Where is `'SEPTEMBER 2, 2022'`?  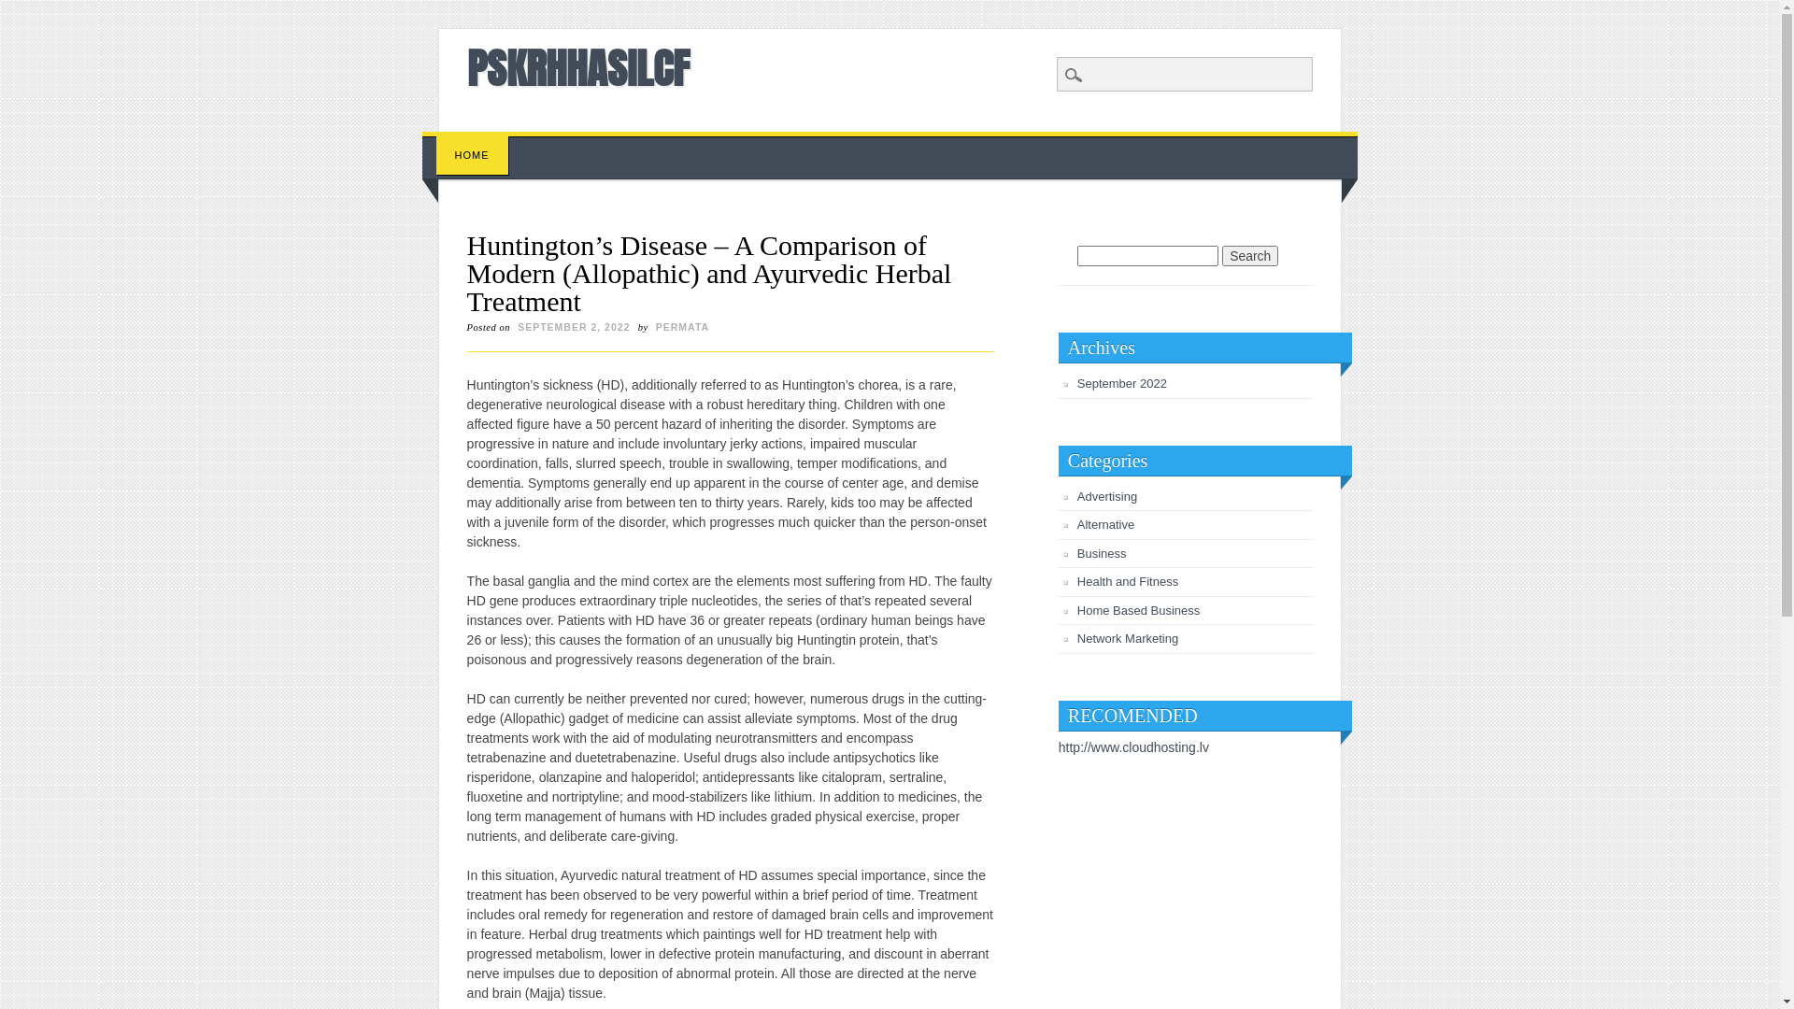
'SEPTEMBER 2, 2022' is located at coordinates (512, 326).